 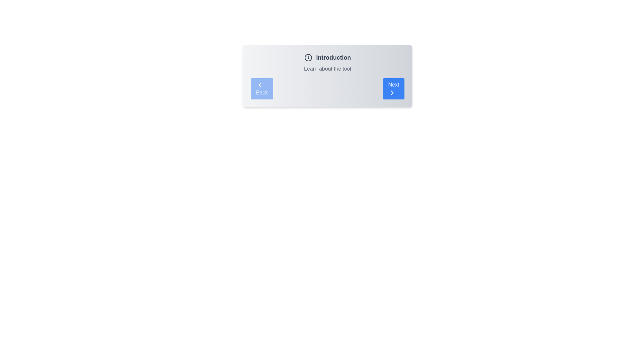 What do you see at coordinates (327, 69) in the screenshot?
I see `the Text label providing descriptive or instructional information located at the bottom of the 'Introduction' section, below the 'Introduction' text and info icon` at bounding box center [327, 69].